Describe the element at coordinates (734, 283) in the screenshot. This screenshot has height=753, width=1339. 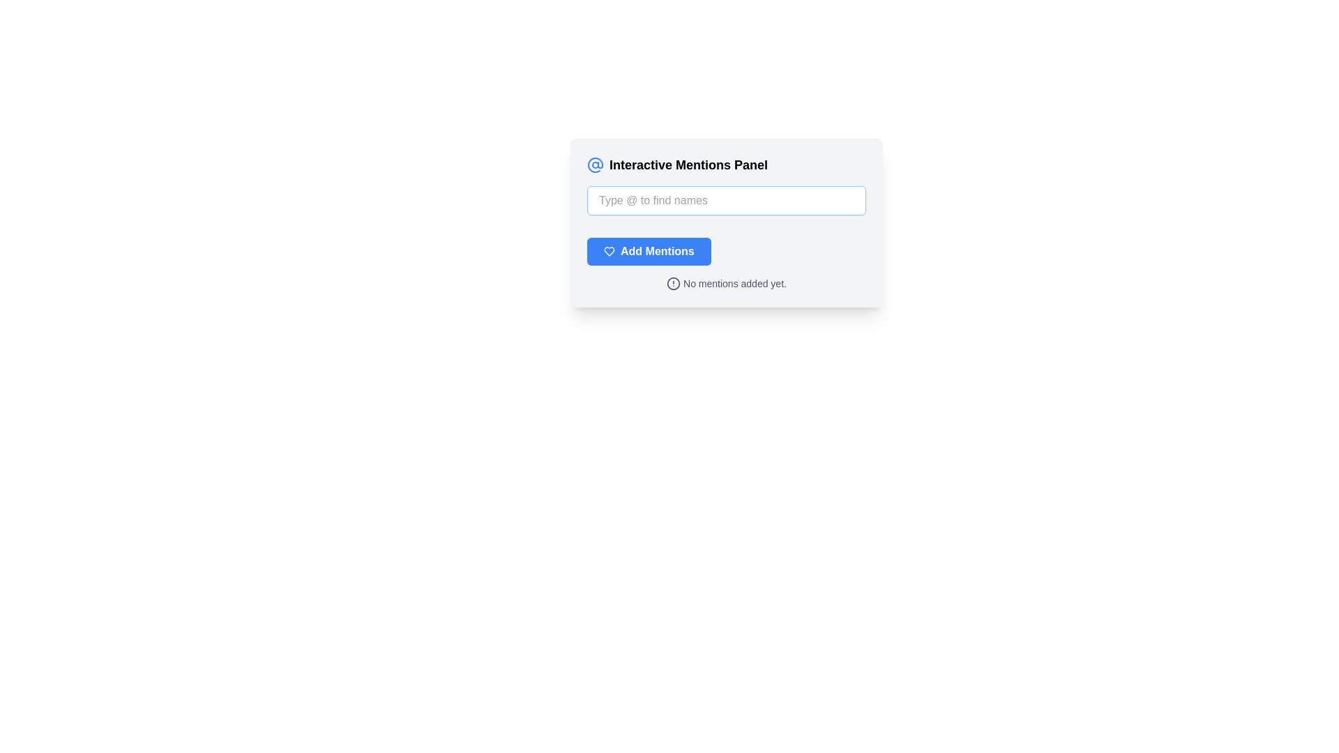
I see `the text label displaying 'No mentions added yet.' in gray color, located next to the circular alert icon in the 'Interactive Mentions Panel.'` at that location.